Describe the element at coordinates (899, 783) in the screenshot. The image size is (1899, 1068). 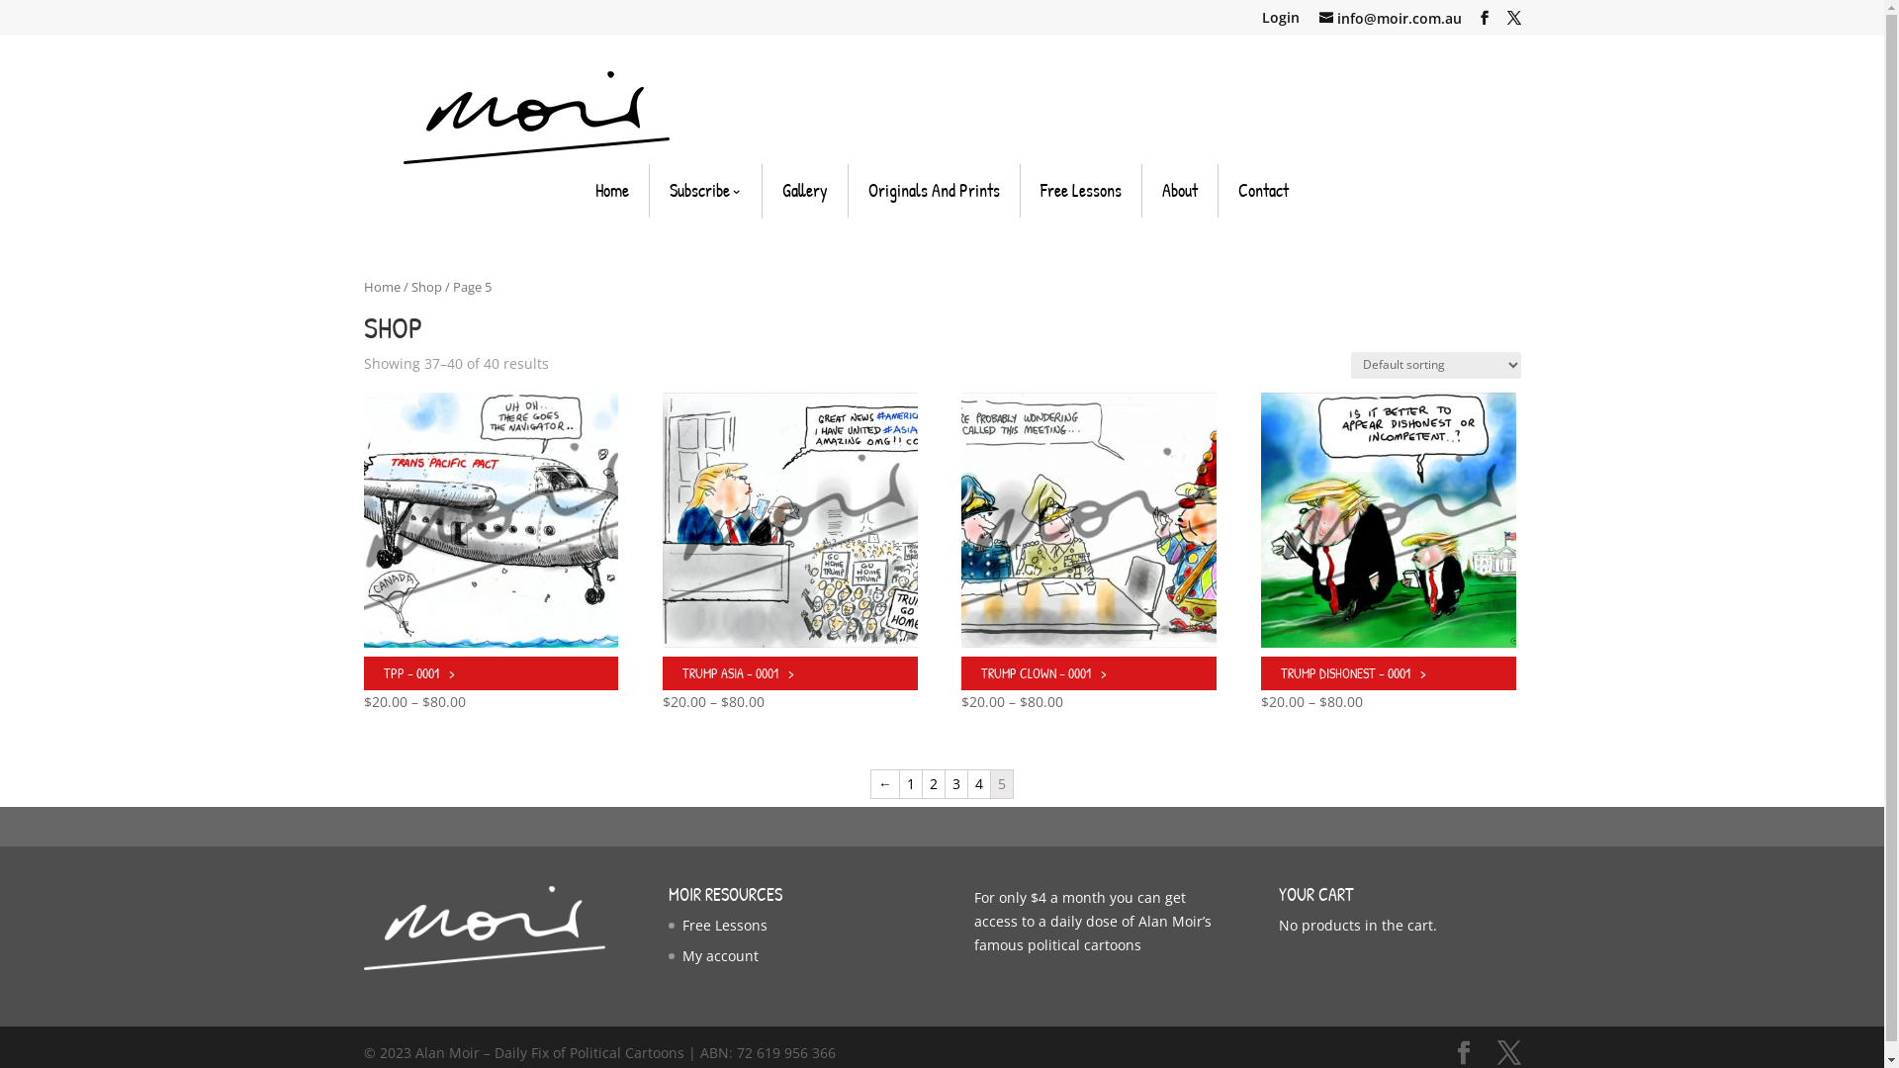
I see `'1'` at that location.